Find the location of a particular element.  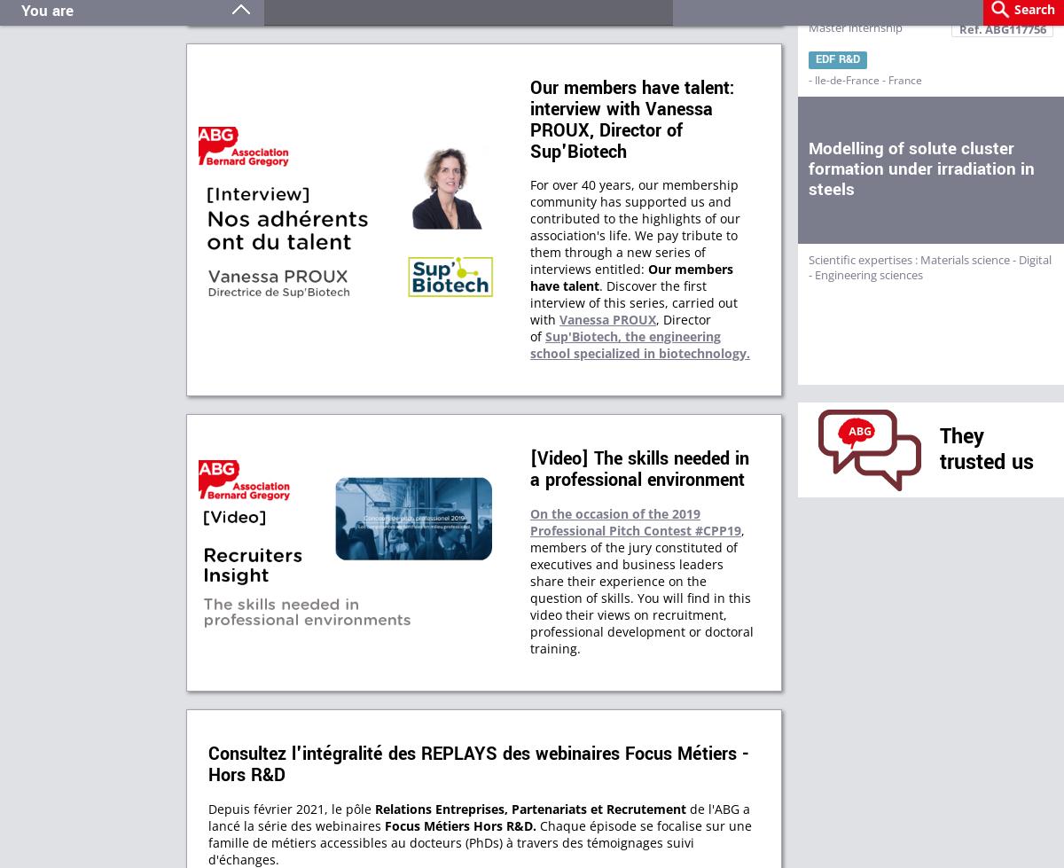

'Depuis février 2021, le pôle' is located at coordinates (292, 807).